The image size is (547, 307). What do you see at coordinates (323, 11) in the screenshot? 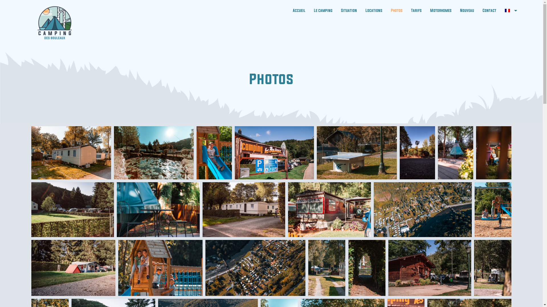
I see `'Le camping'` at bounding box center [323, 11].